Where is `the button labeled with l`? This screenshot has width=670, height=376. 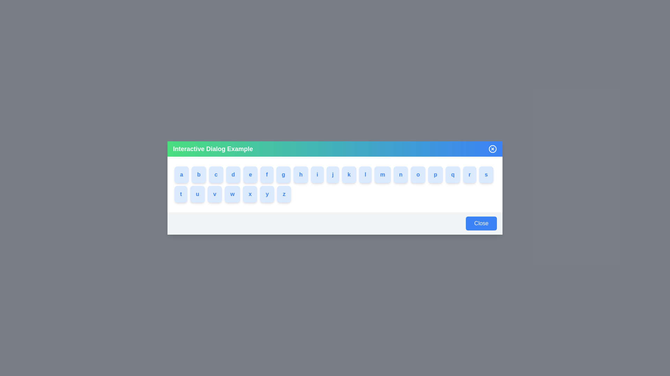 the button labeled with l is located at coordinates (373, 174).